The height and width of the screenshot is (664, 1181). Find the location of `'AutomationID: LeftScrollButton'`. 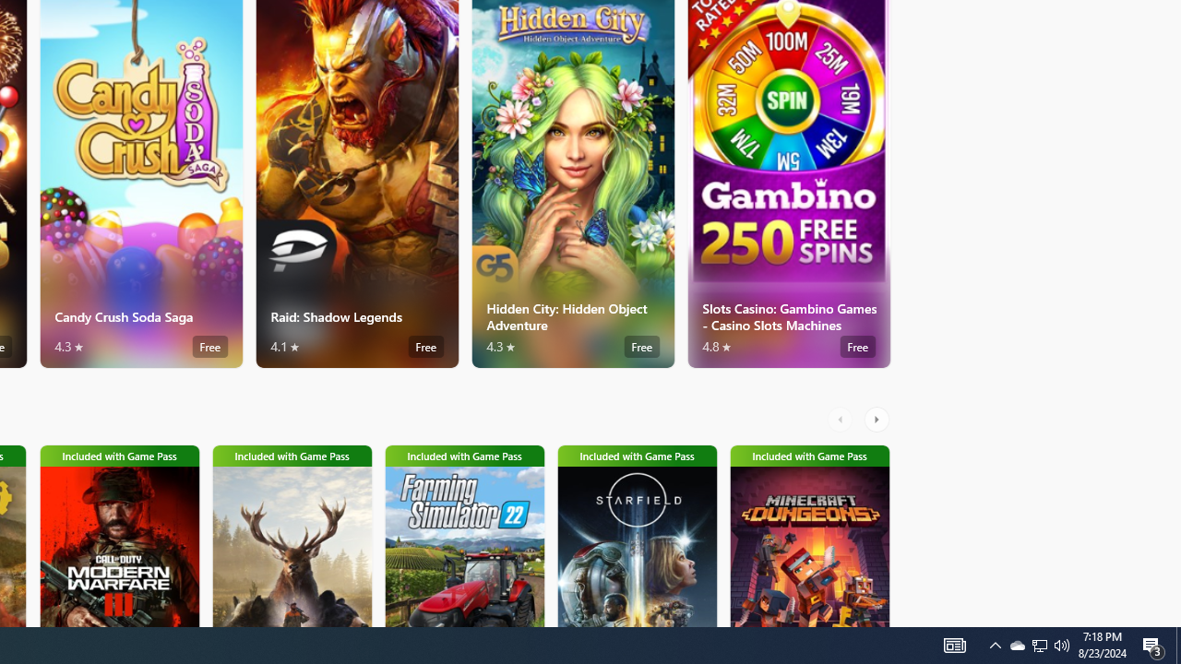

'AutomationID: LeftScrollButton' is located at coordinates (841, 420).